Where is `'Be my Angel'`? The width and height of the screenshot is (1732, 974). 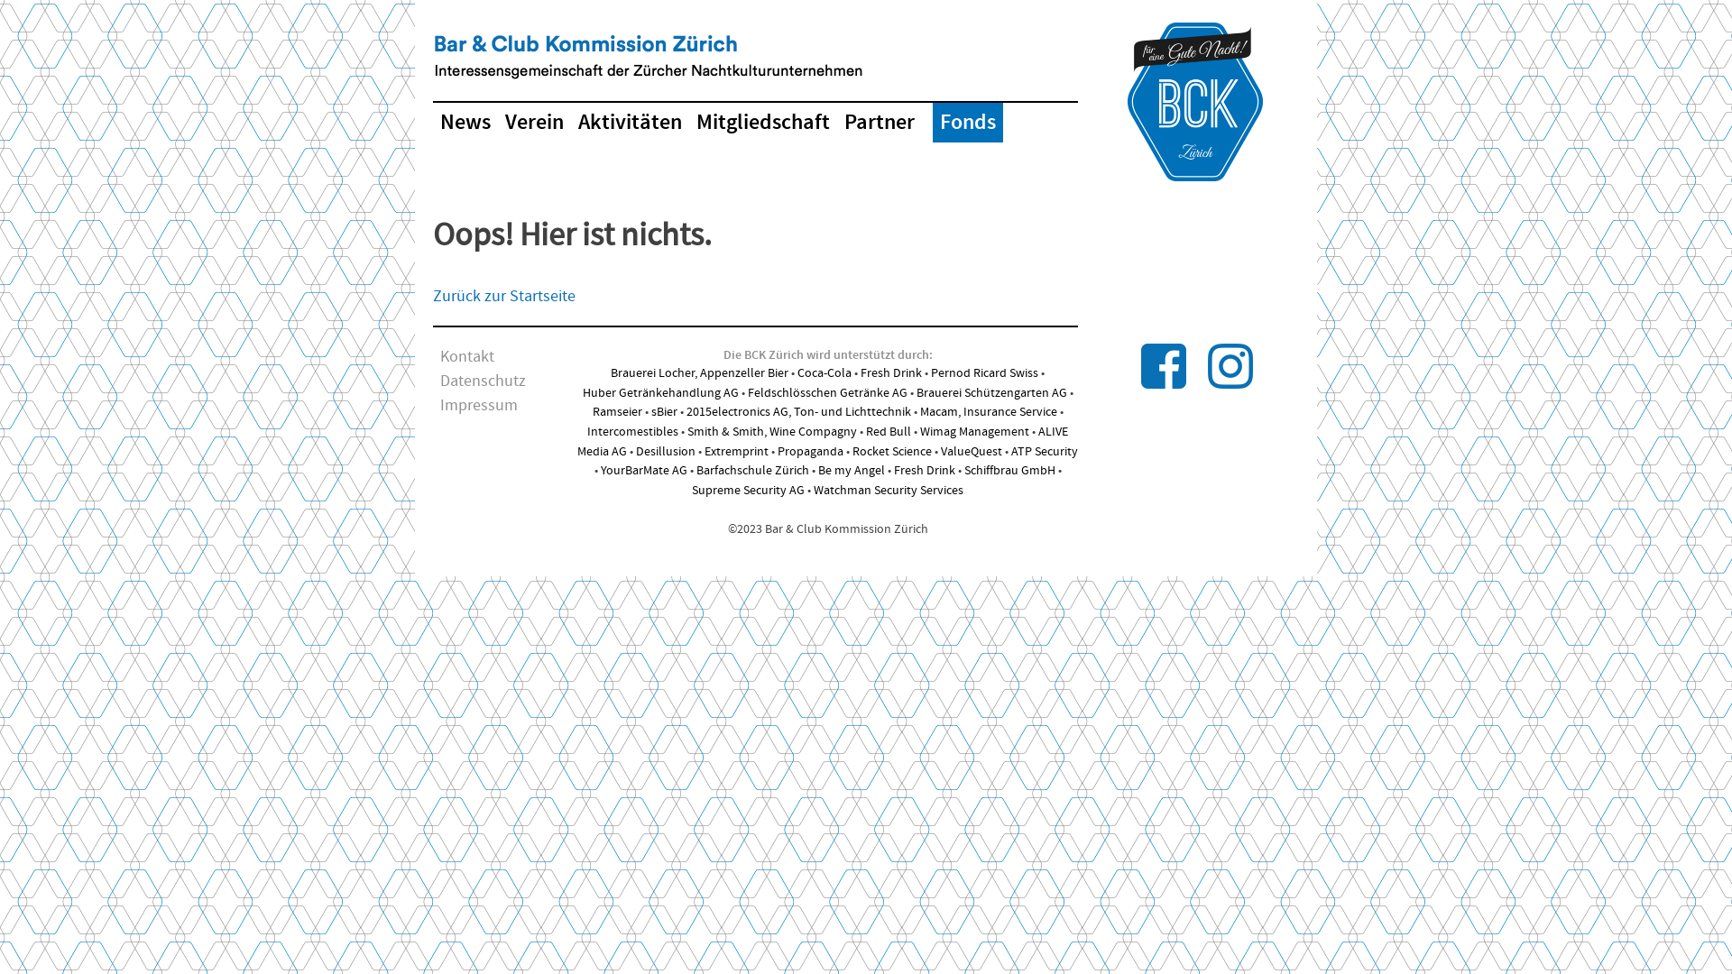 'Be my Angel' is located at coordinates (816, 469).